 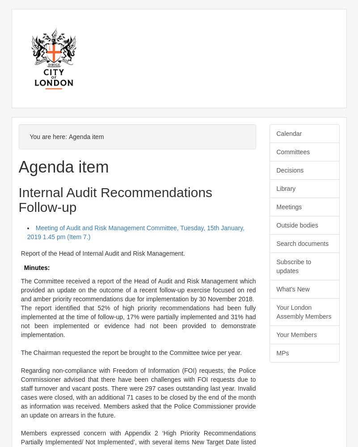 What do you see at coordinates (49, 137) in the screenshot?
I see `'You are here:'` at bounding box center [49, 137].